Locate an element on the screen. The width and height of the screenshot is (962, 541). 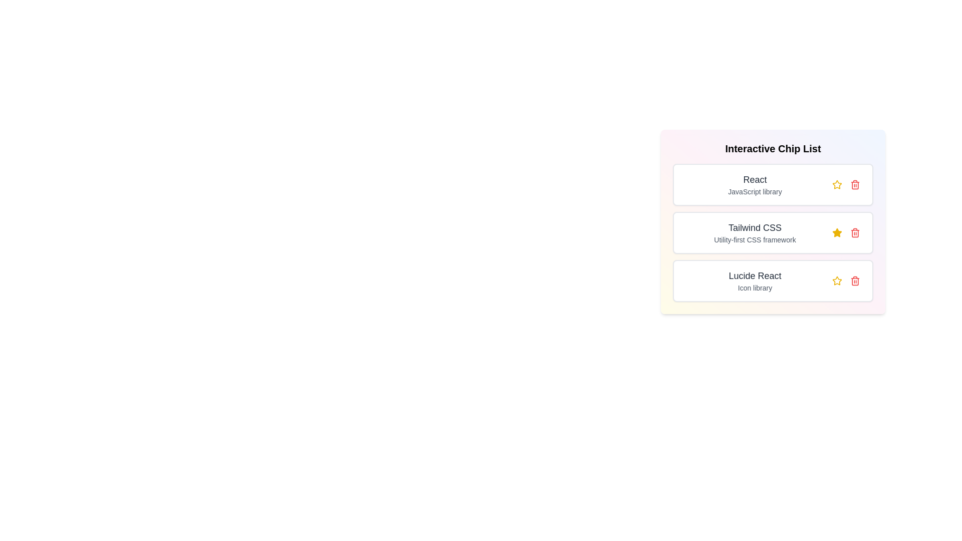
trash icon for the item with title React to remove it from the list is located at coordinates (855, 185).